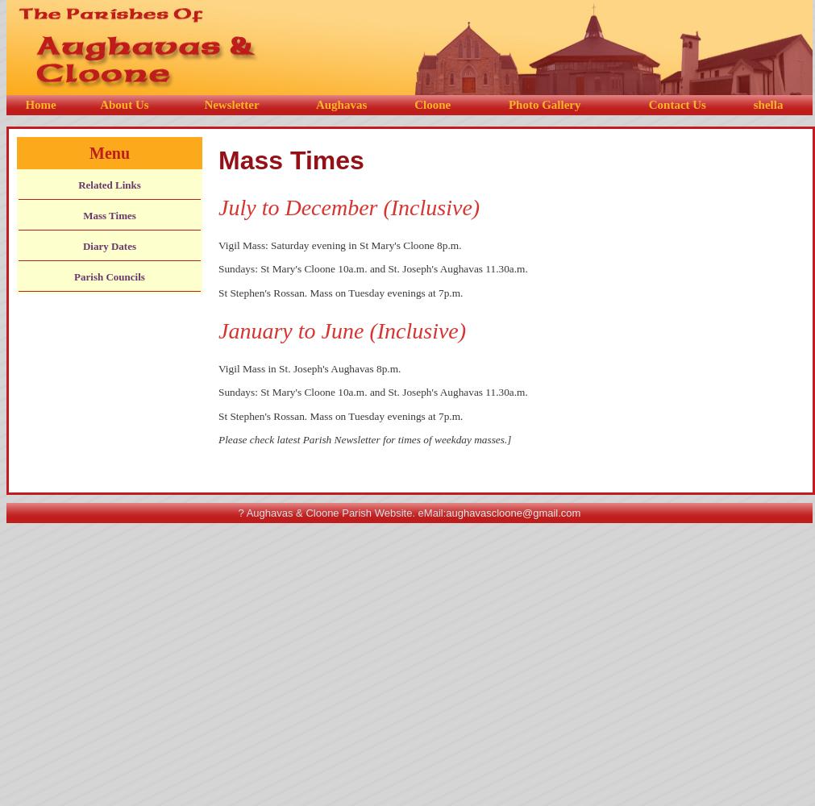 This screenshot has width=815, height=806. I want to click on 'About Us', so click(123, 105).